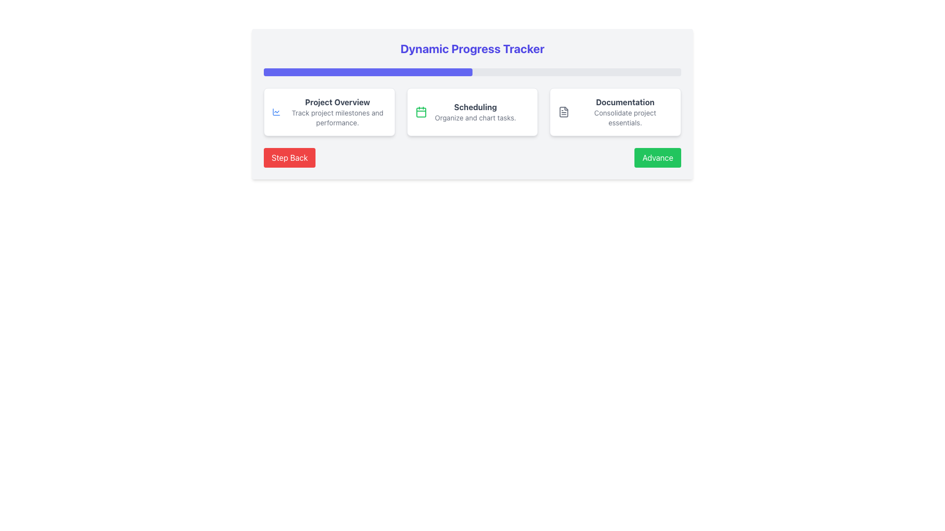 This screenshot has height=531, width=945. I want to click on the 'Documentation' card component, so click(615, 111).